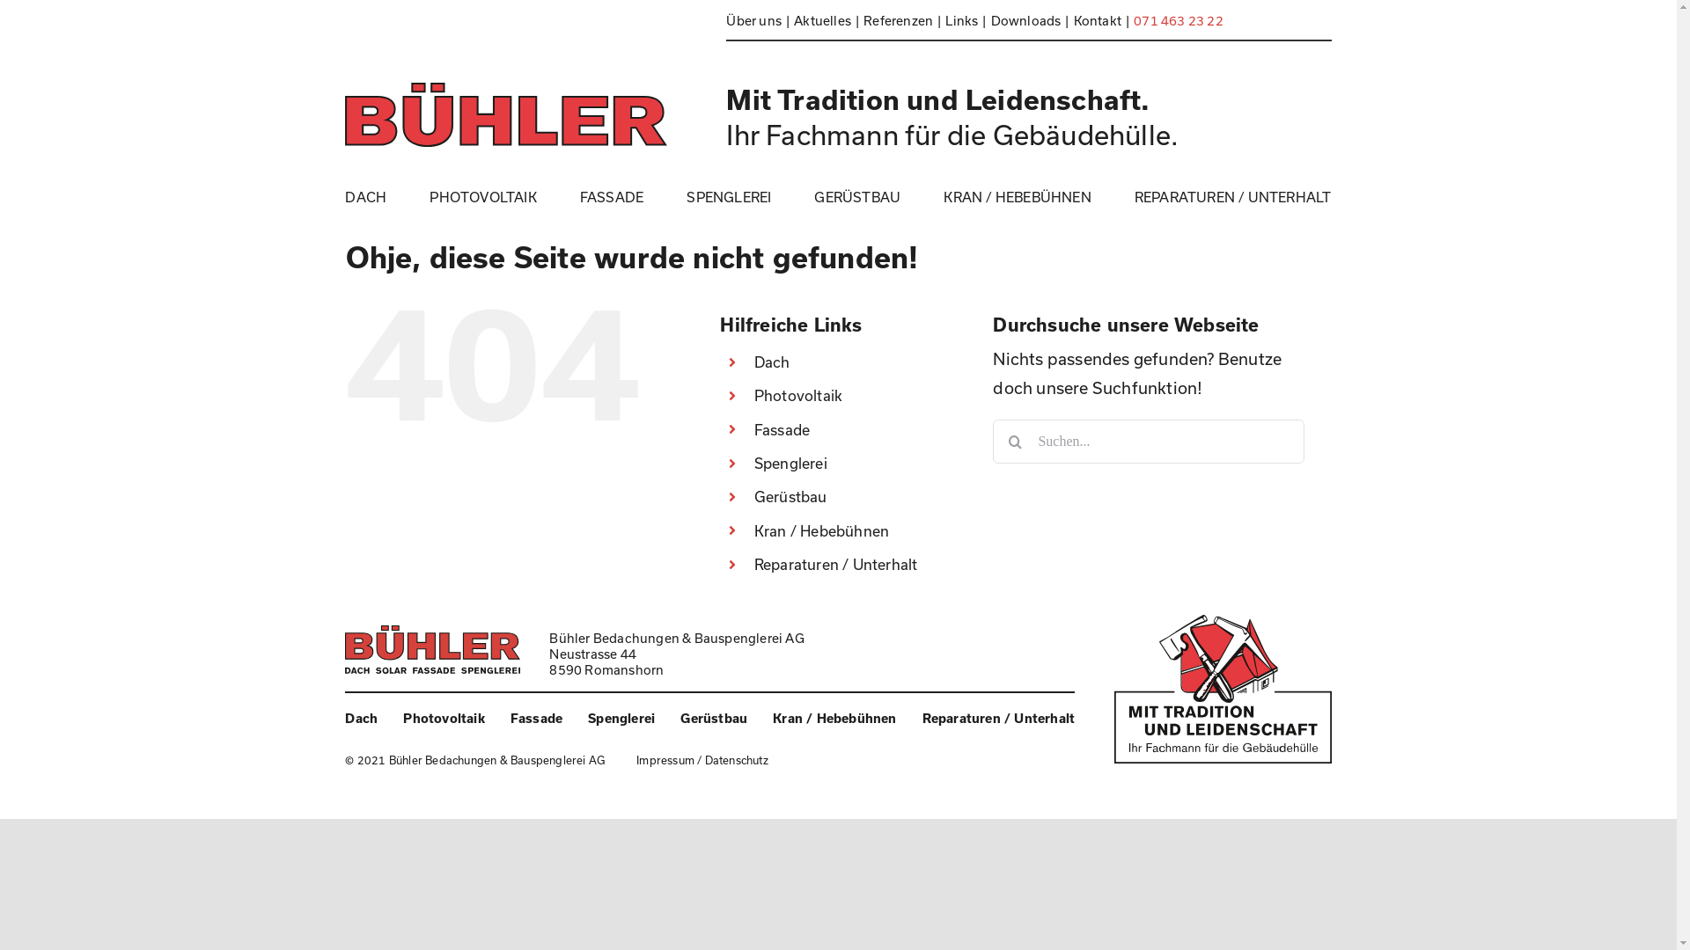 This screenshot has width=1690, height=950. What do you see at coordinates (665, 759) in the screenshot?
I see `'Impressum'` at bounding box center [665, 759].